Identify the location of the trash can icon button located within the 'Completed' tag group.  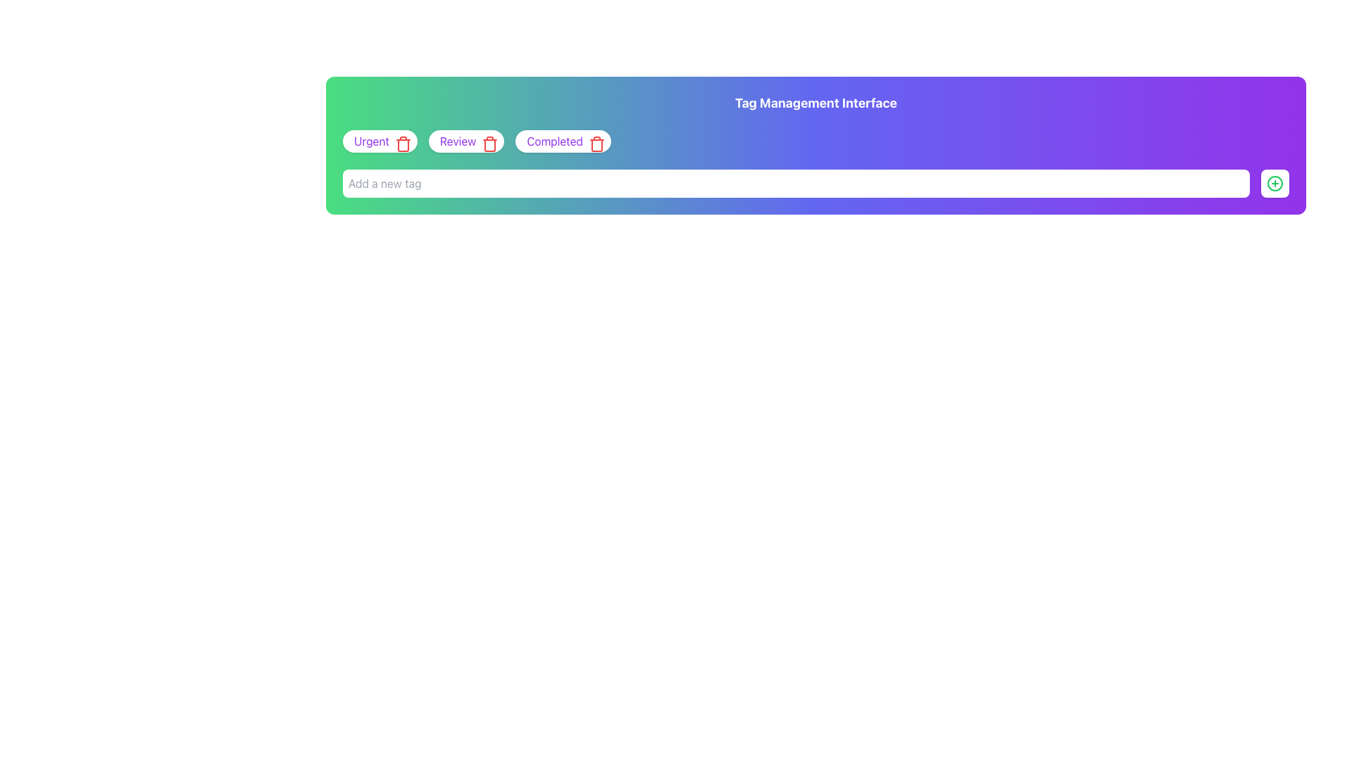
(596, 144).